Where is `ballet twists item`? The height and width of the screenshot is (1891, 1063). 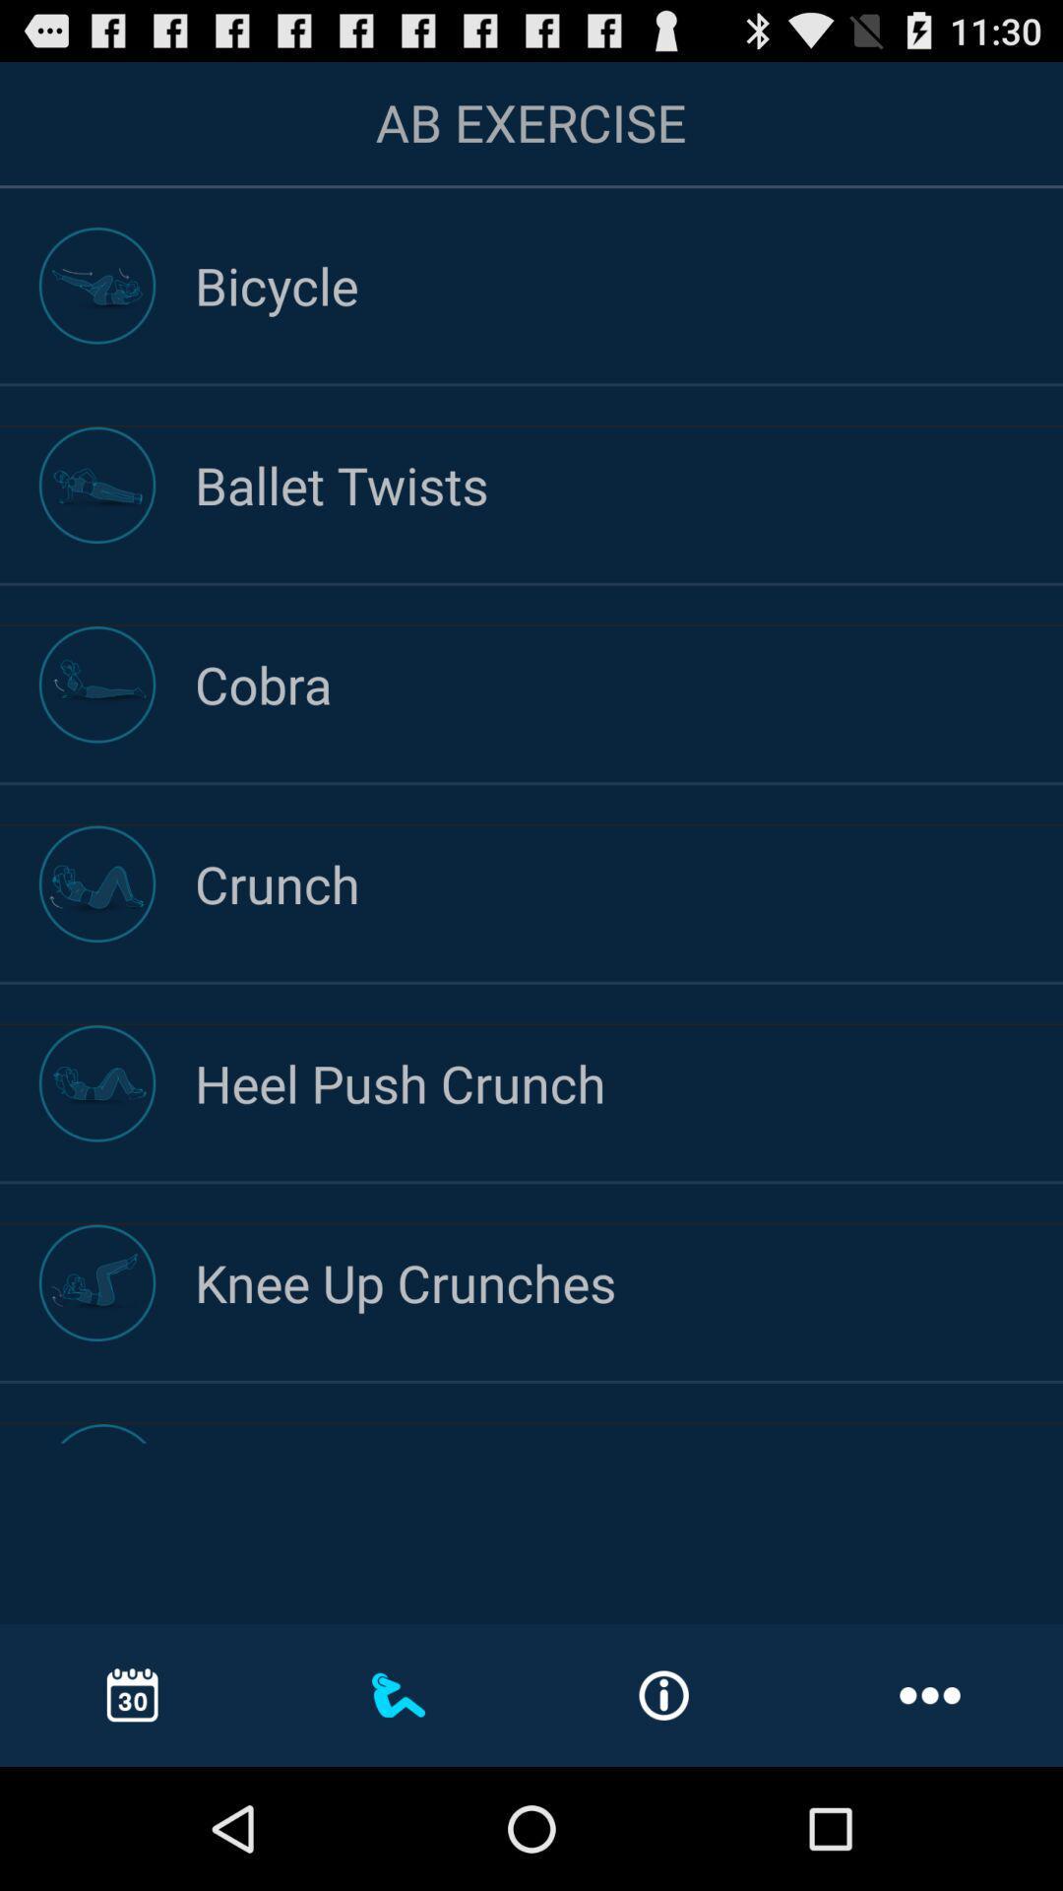
ballet twists item is located at coordinates (629, 485).